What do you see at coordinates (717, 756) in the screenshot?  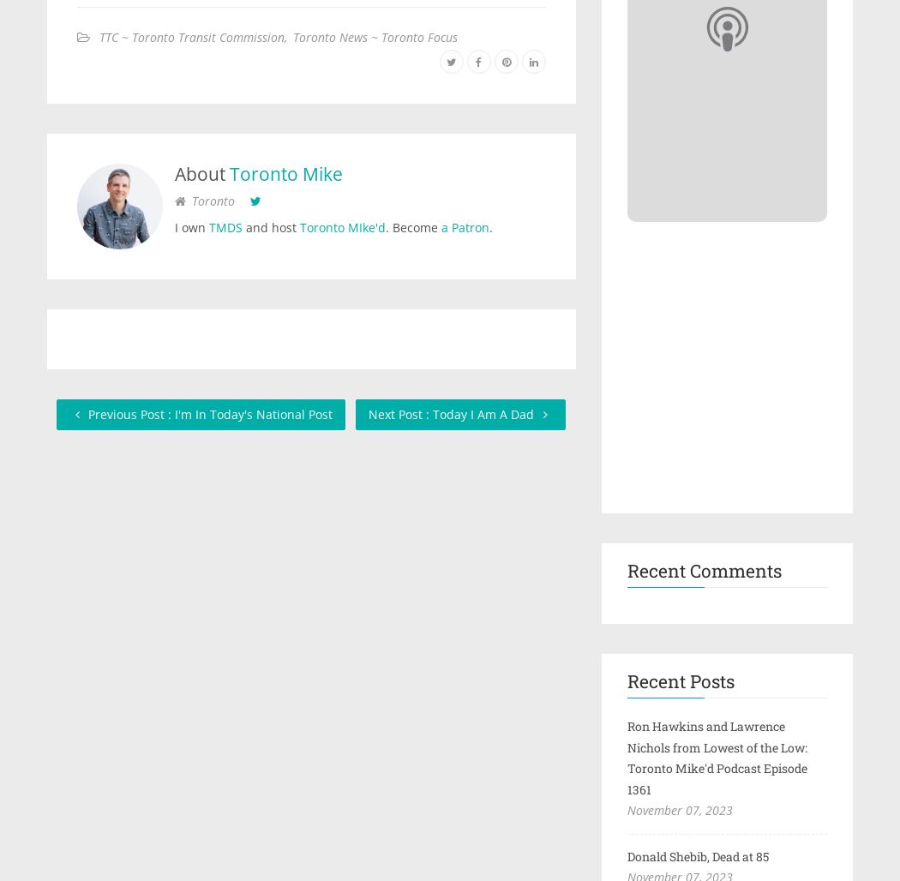 I see `'Ron Hawkins and Lawrence Nichols from Lowest of the Low: Toronto Mike'd Podcast Episode 1361'` at bounding box center [717, 756].